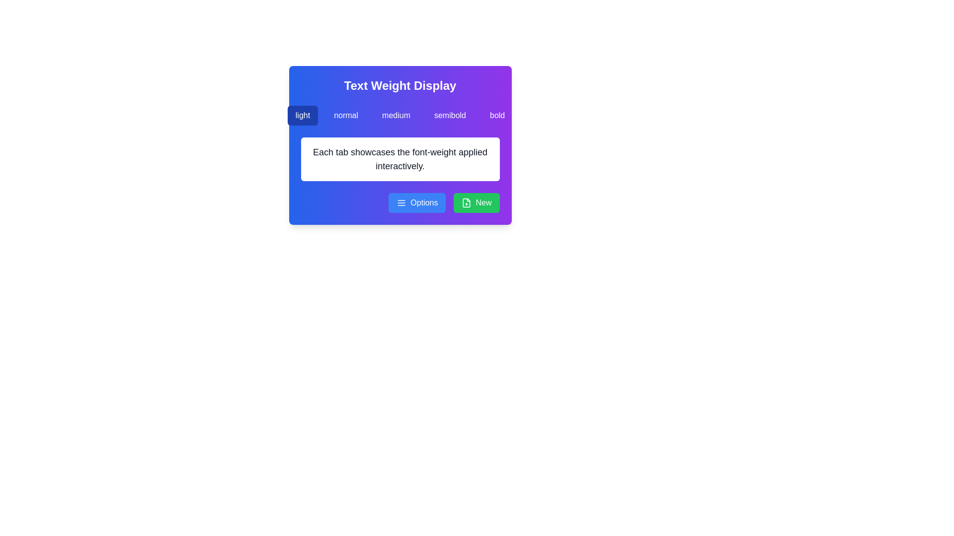 The image size is (954, 536). What do you see at coordinates (466, 202) in the screenshot?
I see `the document icon with a plus sign within the green 'New' button located at the bottom right corner of the interface` at bounding box center [466, 202].